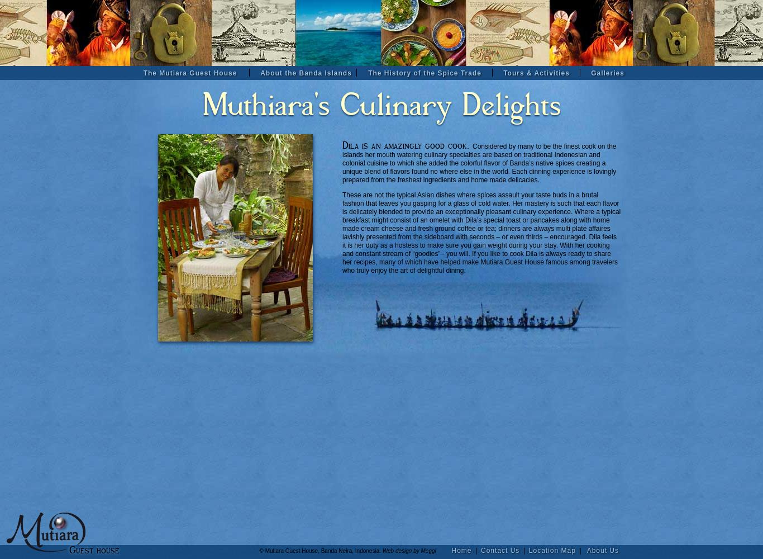 The height and width of the screenshot is (559, 763). Describe the element at coordinates (552, 550) in the screenshot. I see `'Location Map'` at that location.